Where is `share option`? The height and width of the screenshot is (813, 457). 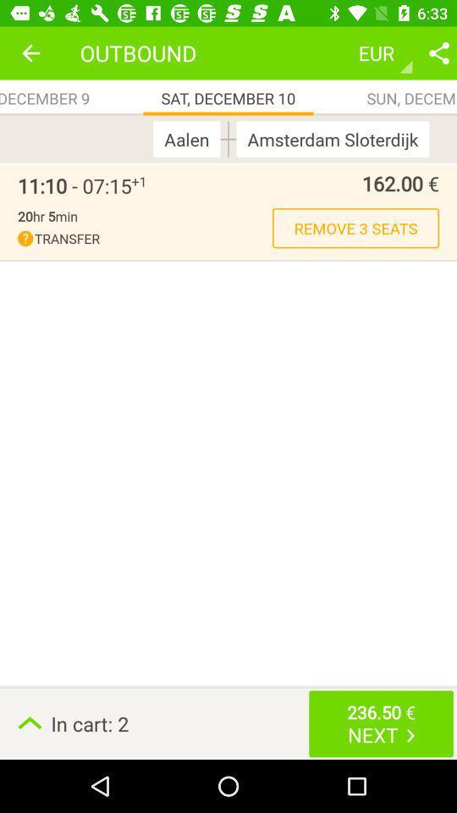 share option is located at coordinates (438, 53).